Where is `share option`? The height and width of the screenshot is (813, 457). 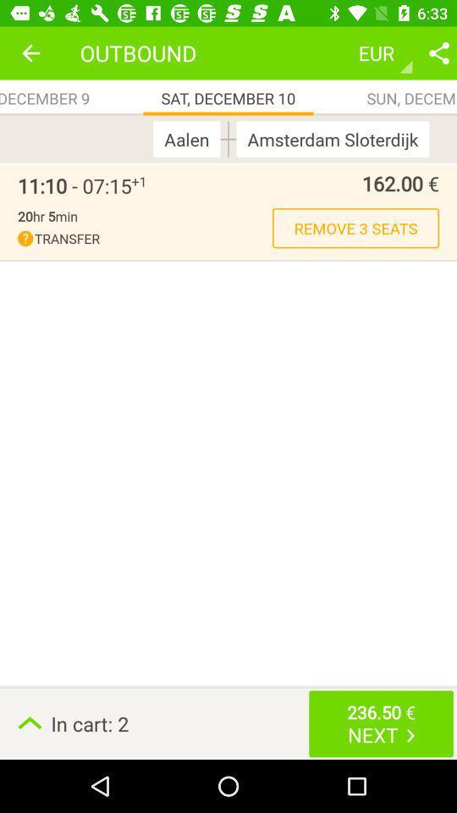 share option is located at coordinates (438, 53).